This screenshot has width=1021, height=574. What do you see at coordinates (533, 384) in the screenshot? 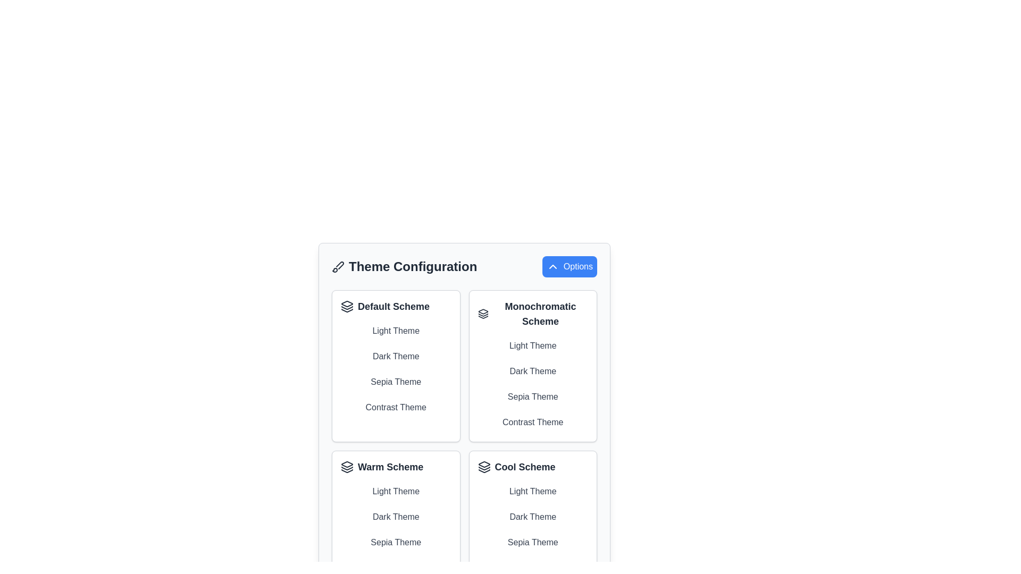
I see `an item in the list of selectable options for themes under the 'Monochromatic Scheme' card` at bounding box center [533, 384].